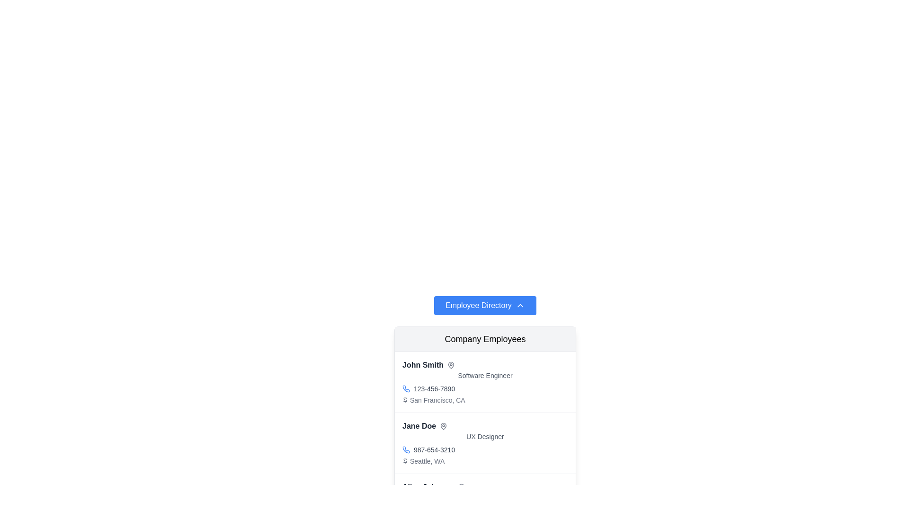 The width and height of the screenshot is (909, 511). Describe the element at coordinates (485, 375) in the screenshot. I see `the static text display that shows the job title of the individual in the employee directory card, located below the name 'John Smith' and above the phone number '123-456-7890'` at that location.